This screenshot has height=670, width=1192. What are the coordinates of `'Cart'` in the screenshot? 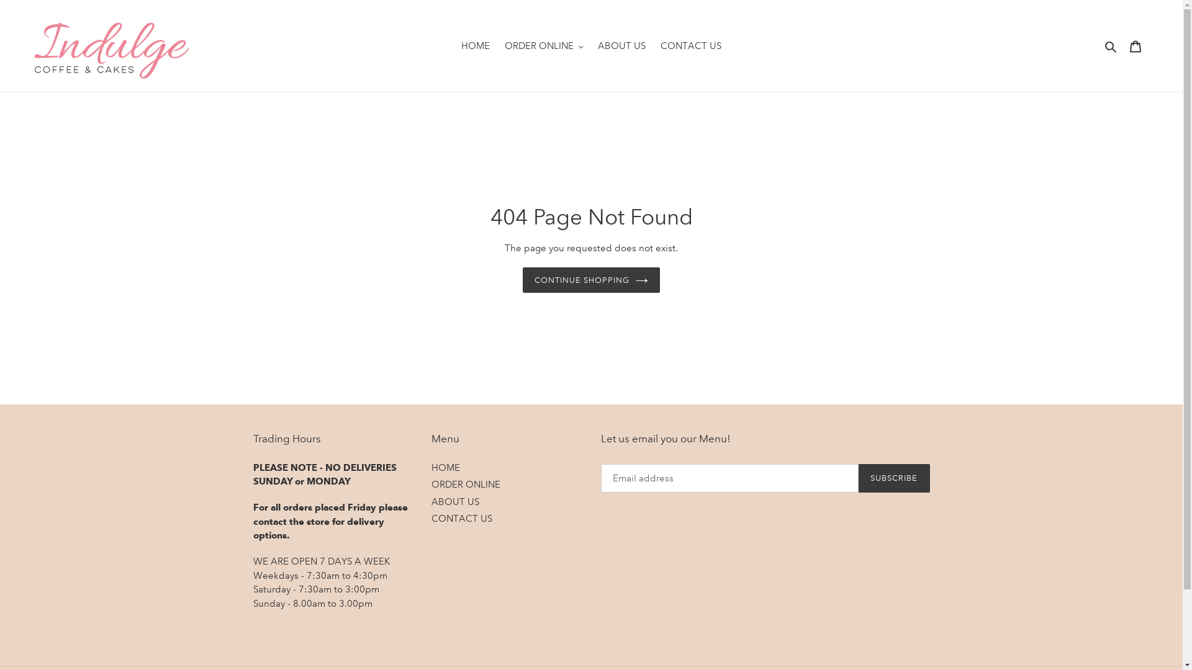 It's located at (1135, 45).